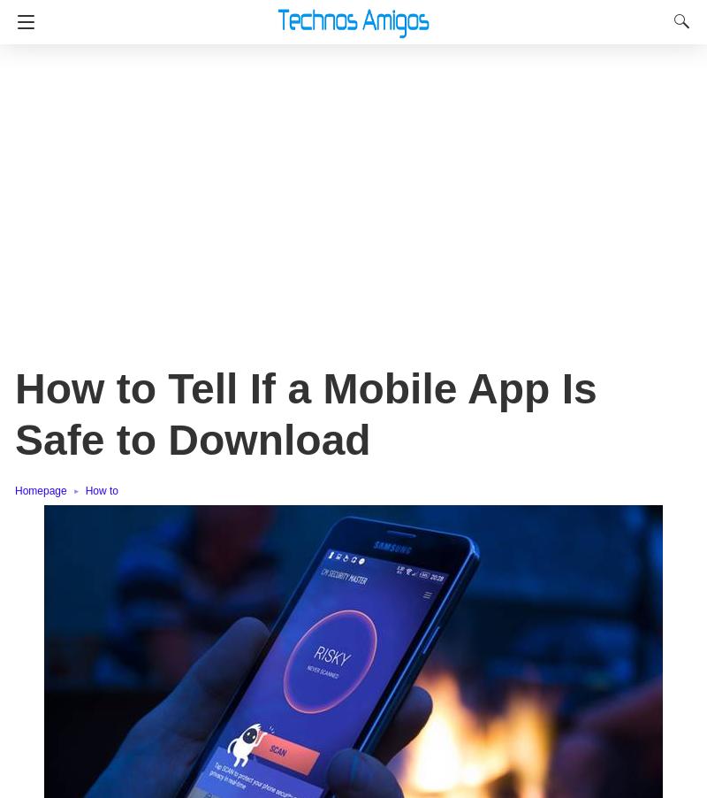 The width and height of the screenshot is (707, 798). Describe the element at coordinates (150, 418) in the screenshot. I see `'Access to phone contacts'` at that location.